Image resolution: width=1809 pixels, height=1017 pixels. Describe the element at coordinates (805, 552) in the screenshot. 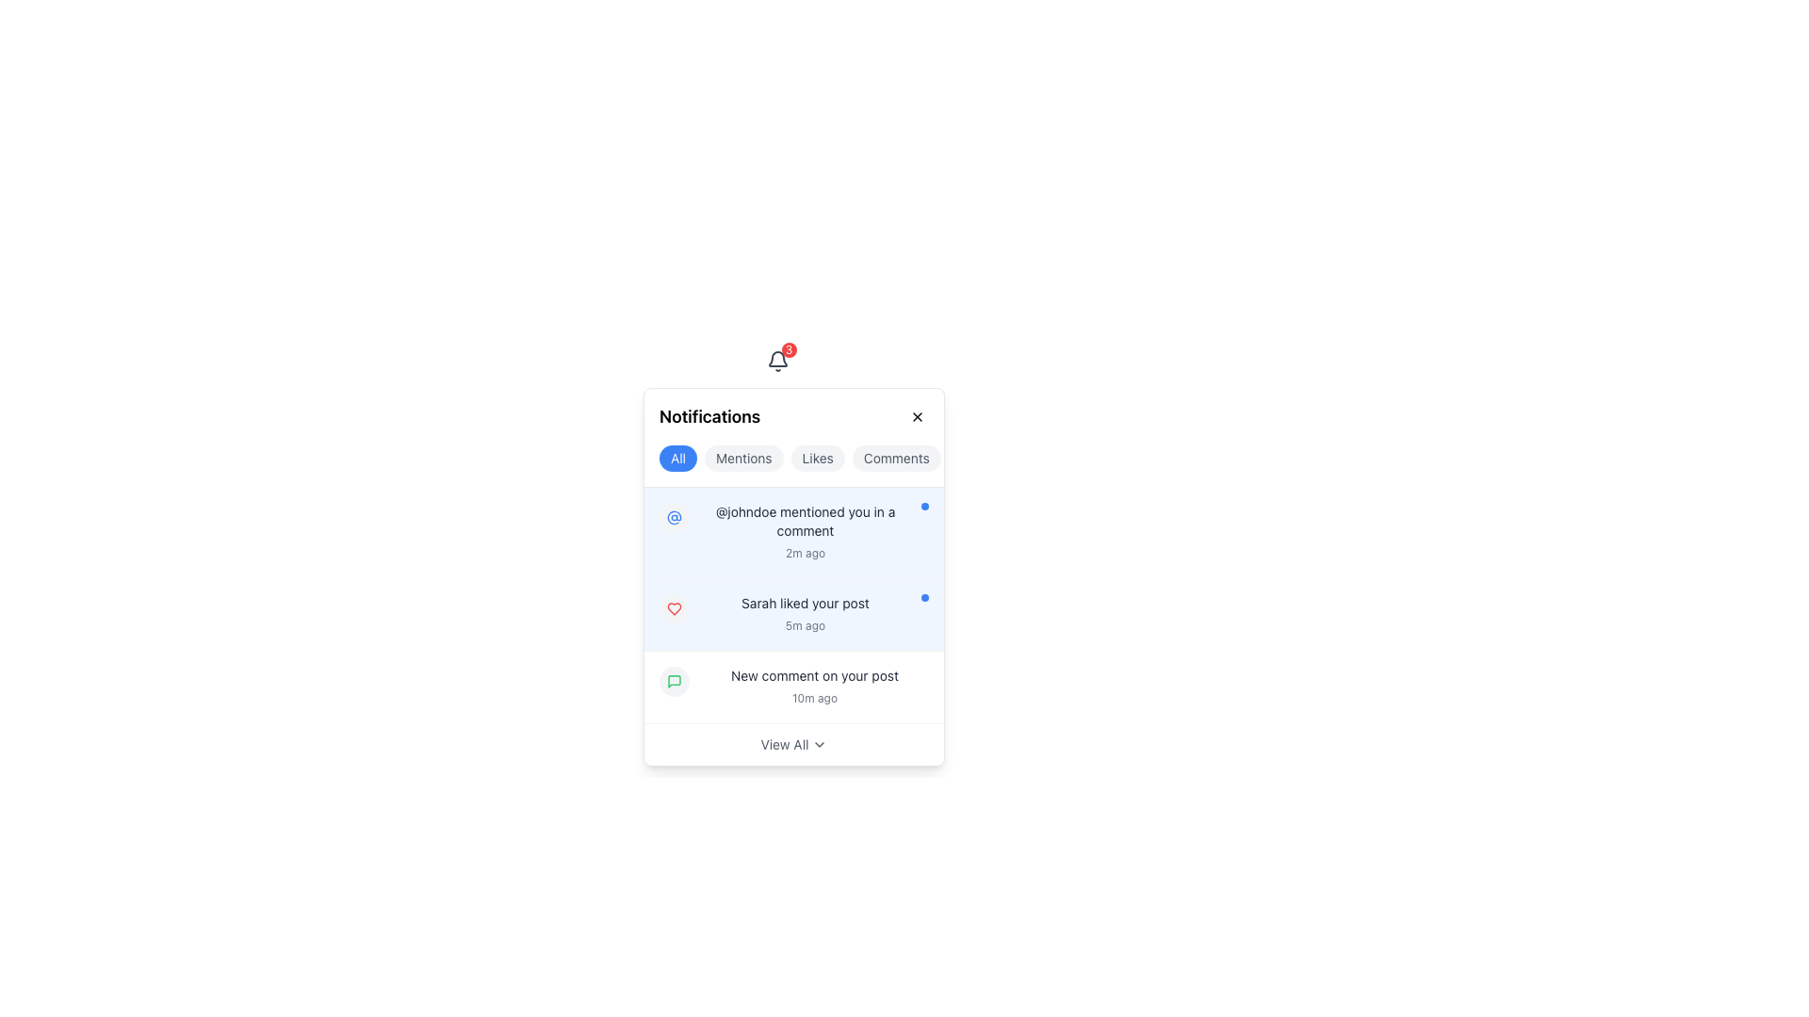

I see `the text label displaying '2m ago', which is located below the notification message '@johndoe mentioned you in a comment' and aligned to the right-hand side of the notification panel` at that location.